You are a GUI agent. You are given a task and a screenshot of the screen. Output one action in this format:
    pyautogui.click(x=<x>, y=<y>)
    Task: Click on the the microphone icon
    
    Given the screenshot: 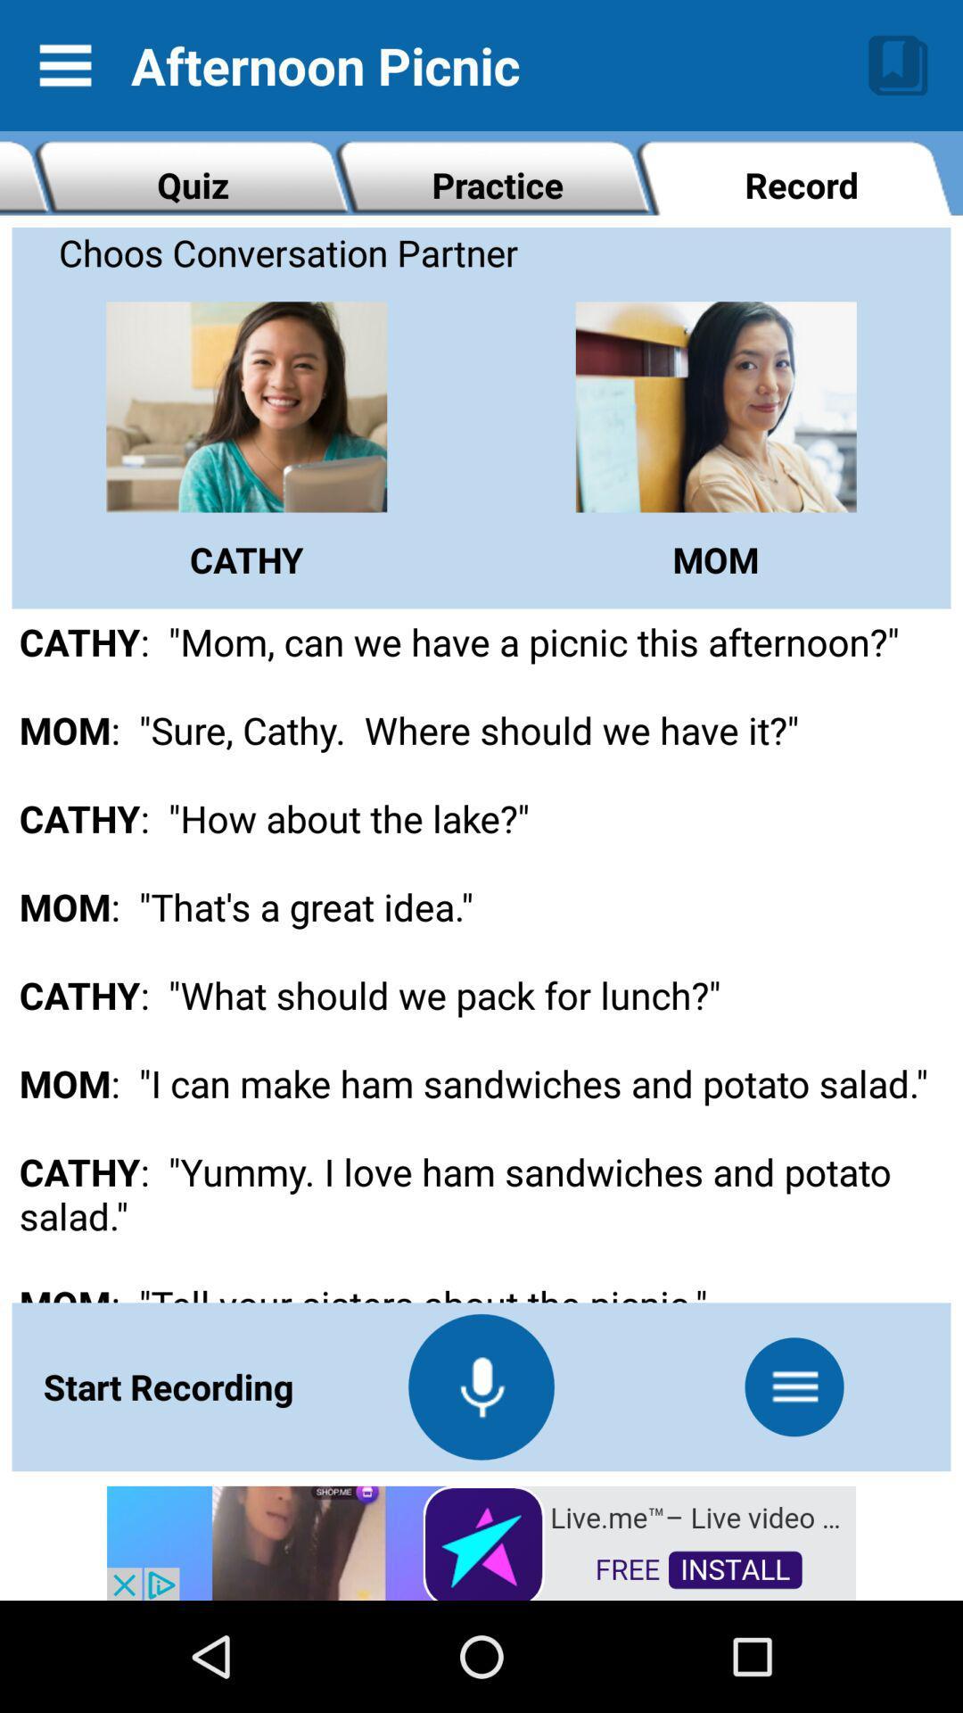 What is the action you would take?
    pyautogui.click(x=481, y=1386)
    